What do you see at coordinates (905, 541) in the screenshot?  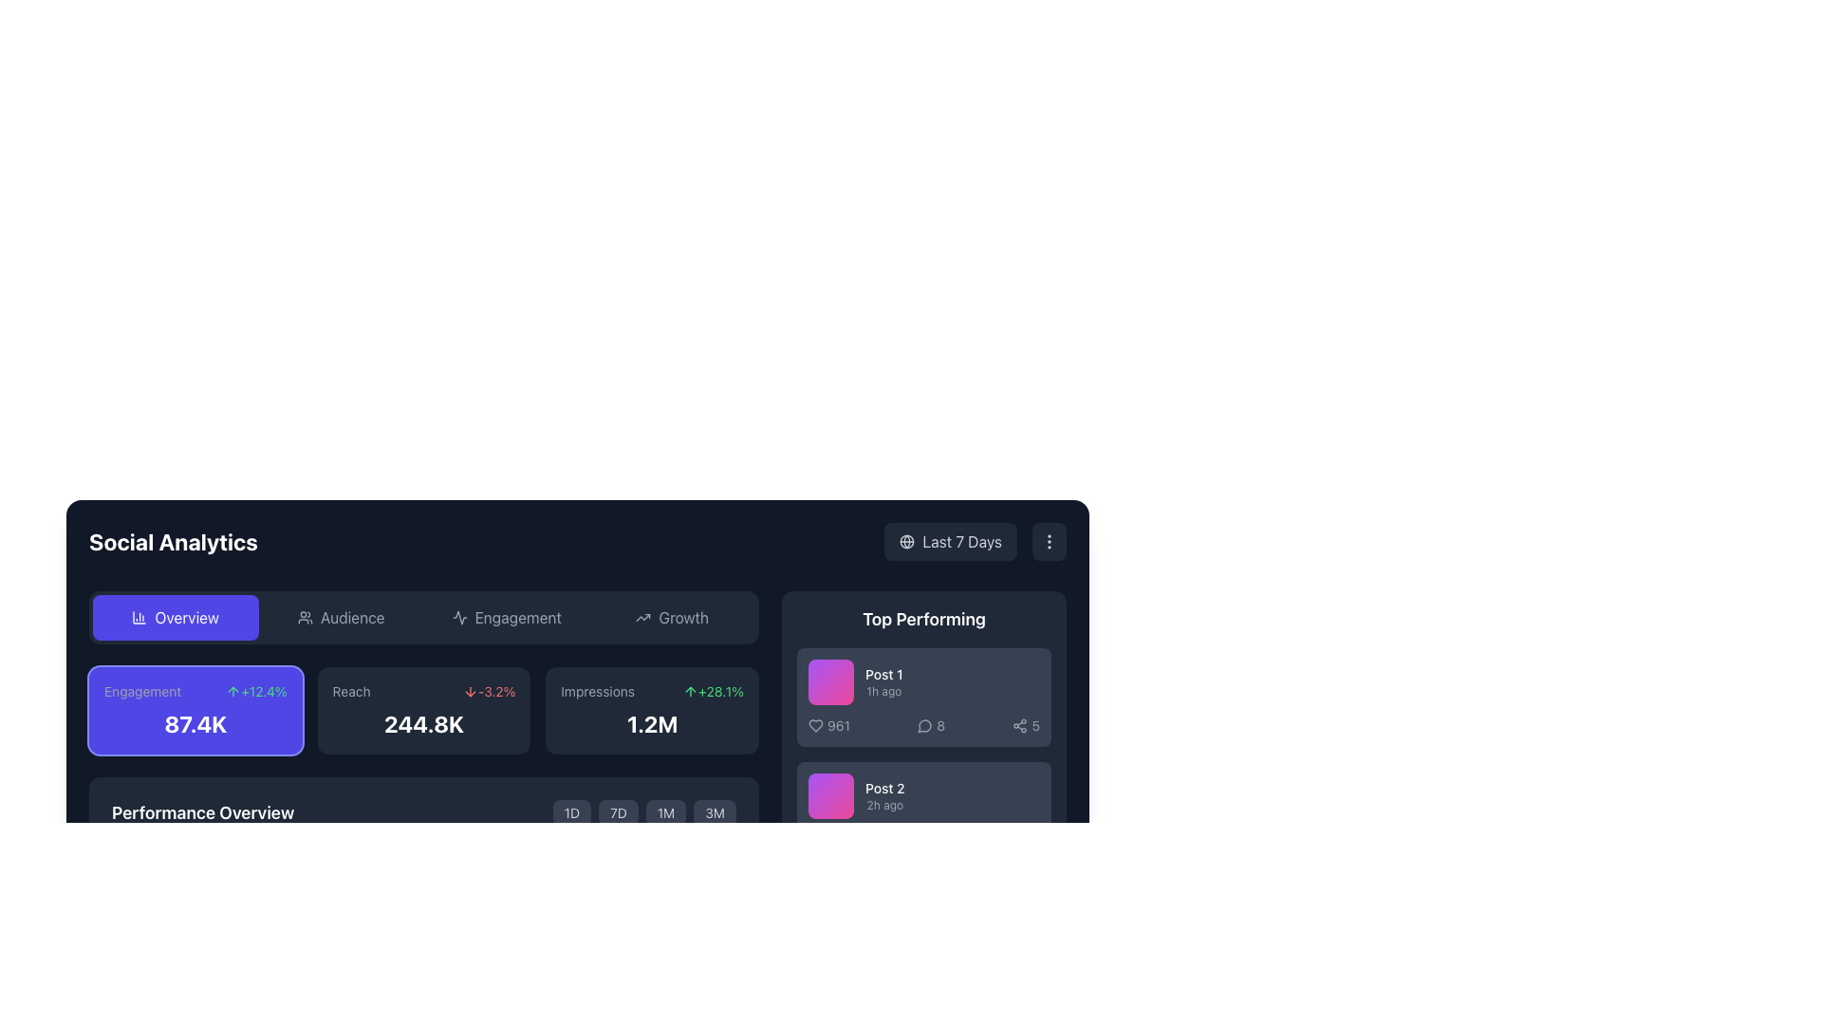 I see `circular SVG icon that is part of the globe representation located in the top-right corner of the interface, near the date range options for 'Last 7 Days'` at bounding box center [905, 541].